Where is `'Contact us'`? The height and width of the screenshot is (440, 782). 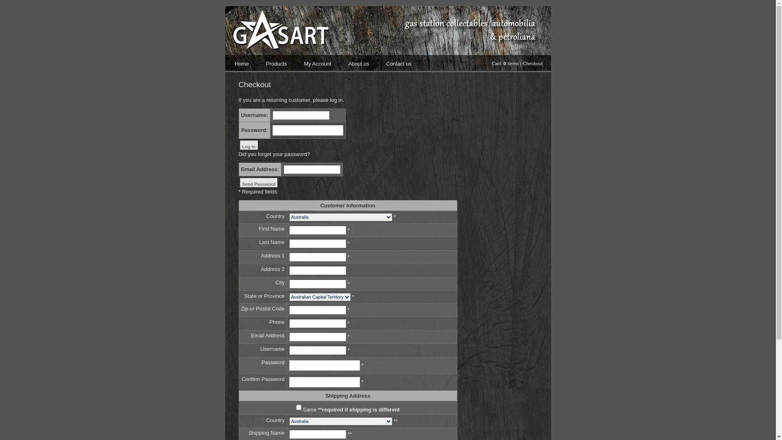
'Contact us' is located at coordinates (399, 63).